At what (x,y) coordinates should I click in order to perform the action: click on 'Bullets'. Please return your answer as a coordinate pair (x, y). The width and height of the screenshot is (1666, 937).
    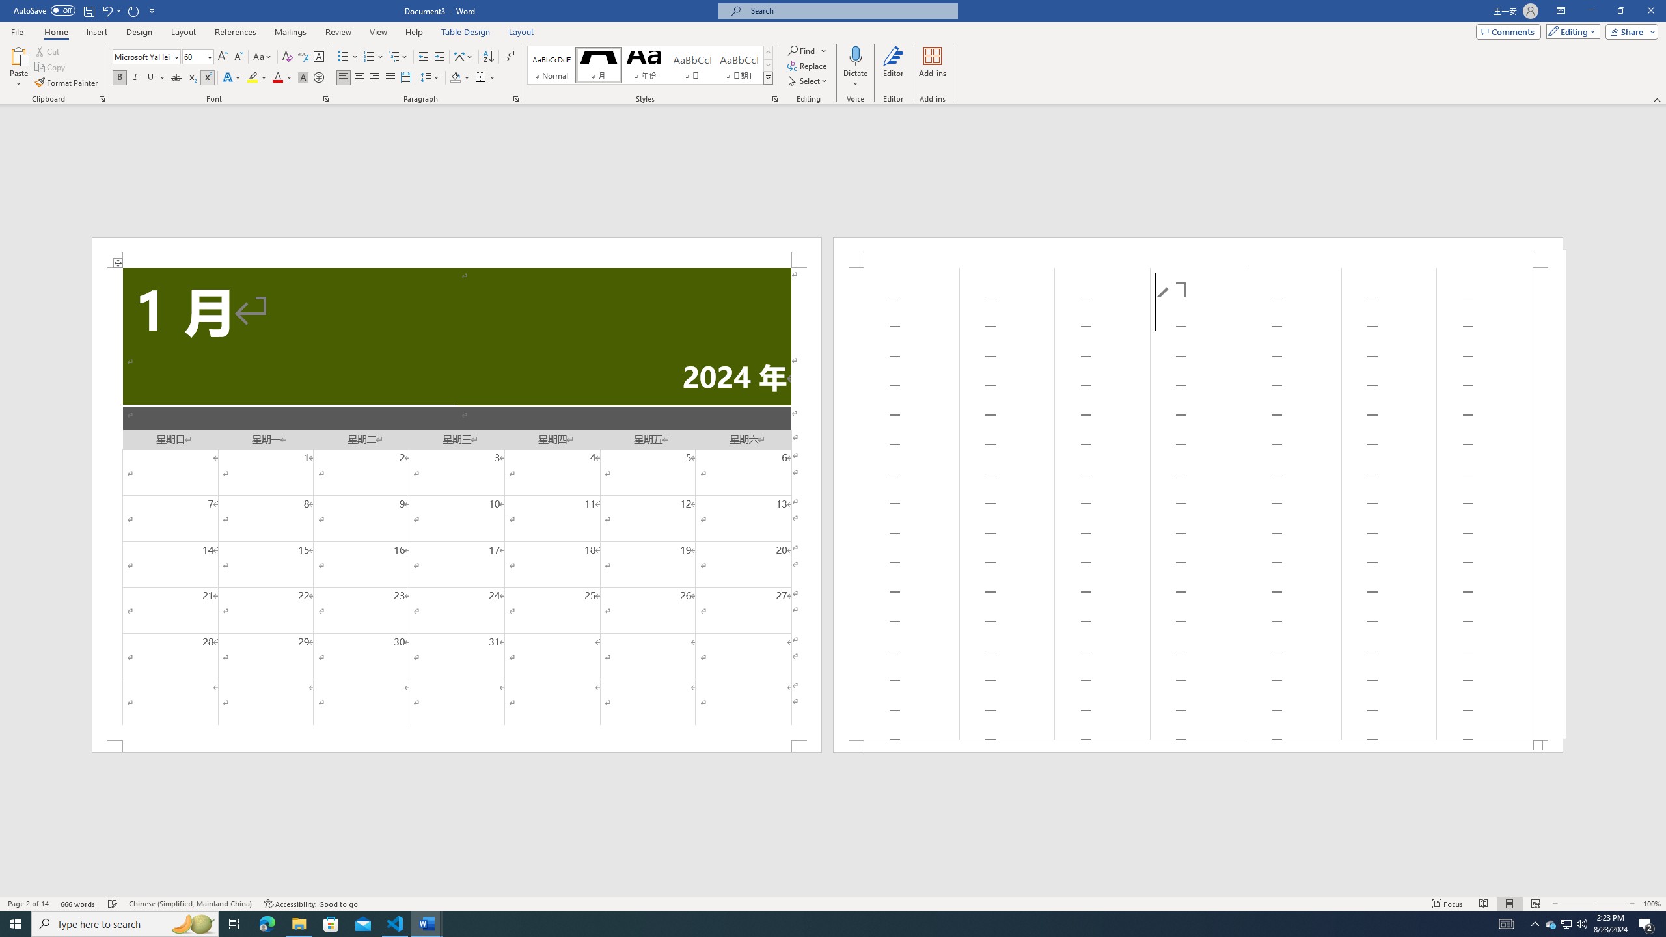
    Looking at the image, I should click on (348, 57).